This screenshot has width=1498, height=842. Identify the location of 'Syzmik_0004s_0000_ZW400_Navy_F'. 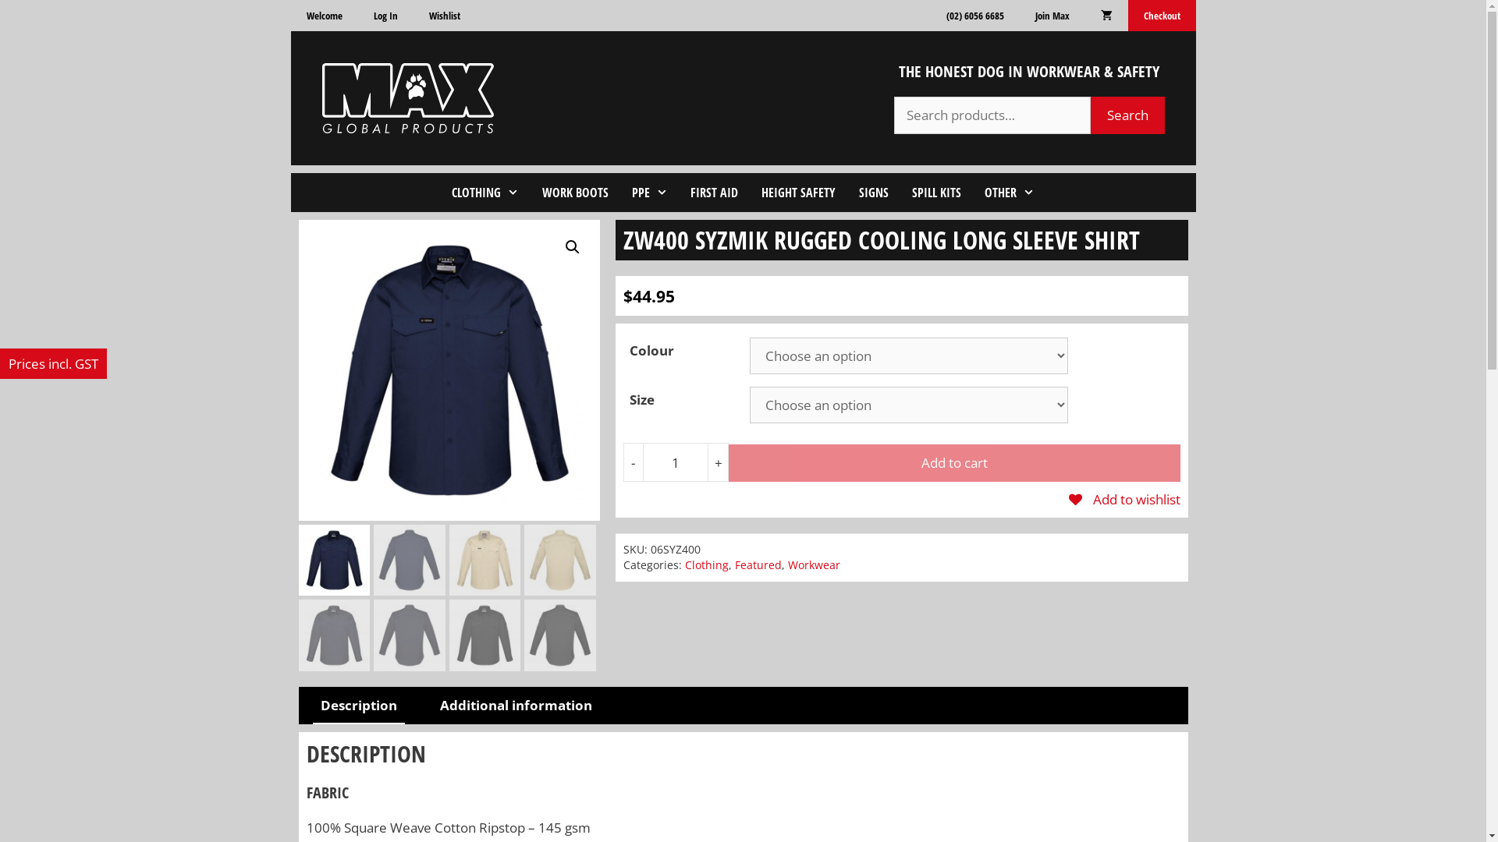
(448, 370).